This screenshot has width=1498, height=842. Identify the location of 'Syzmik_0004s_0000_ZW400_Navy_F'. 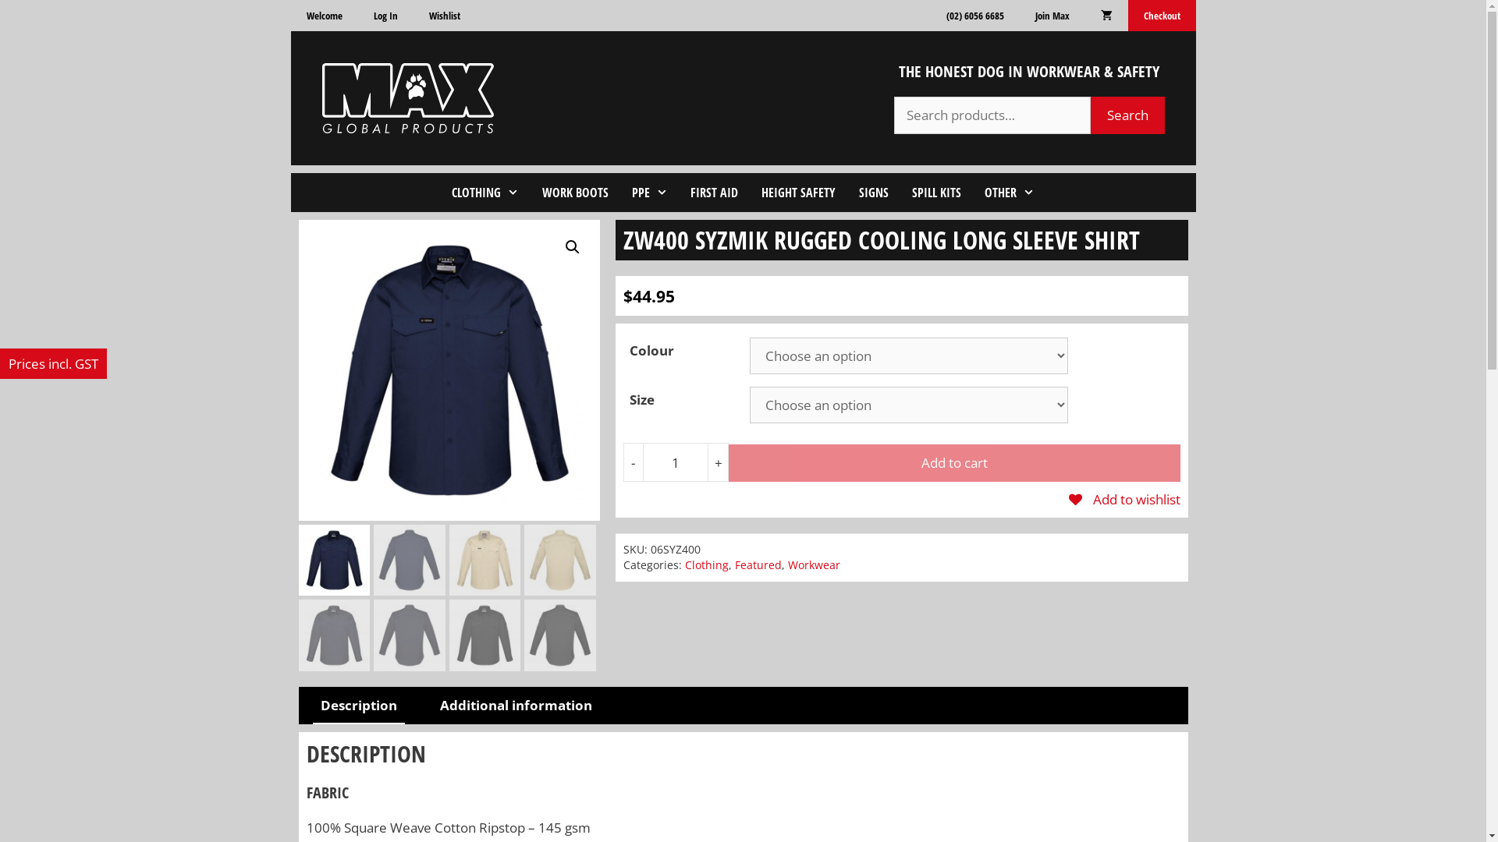
(448, 370).